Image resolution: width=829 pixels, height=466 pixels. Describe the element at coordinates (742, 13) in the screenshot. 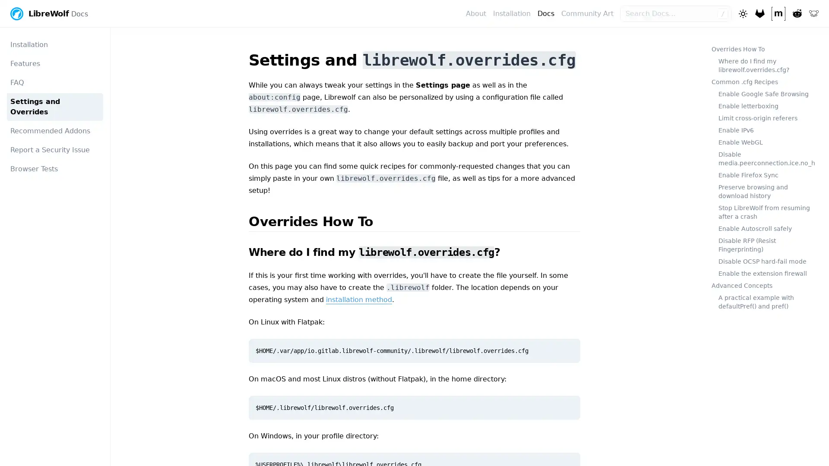

I see `Toggle theme` at that location.